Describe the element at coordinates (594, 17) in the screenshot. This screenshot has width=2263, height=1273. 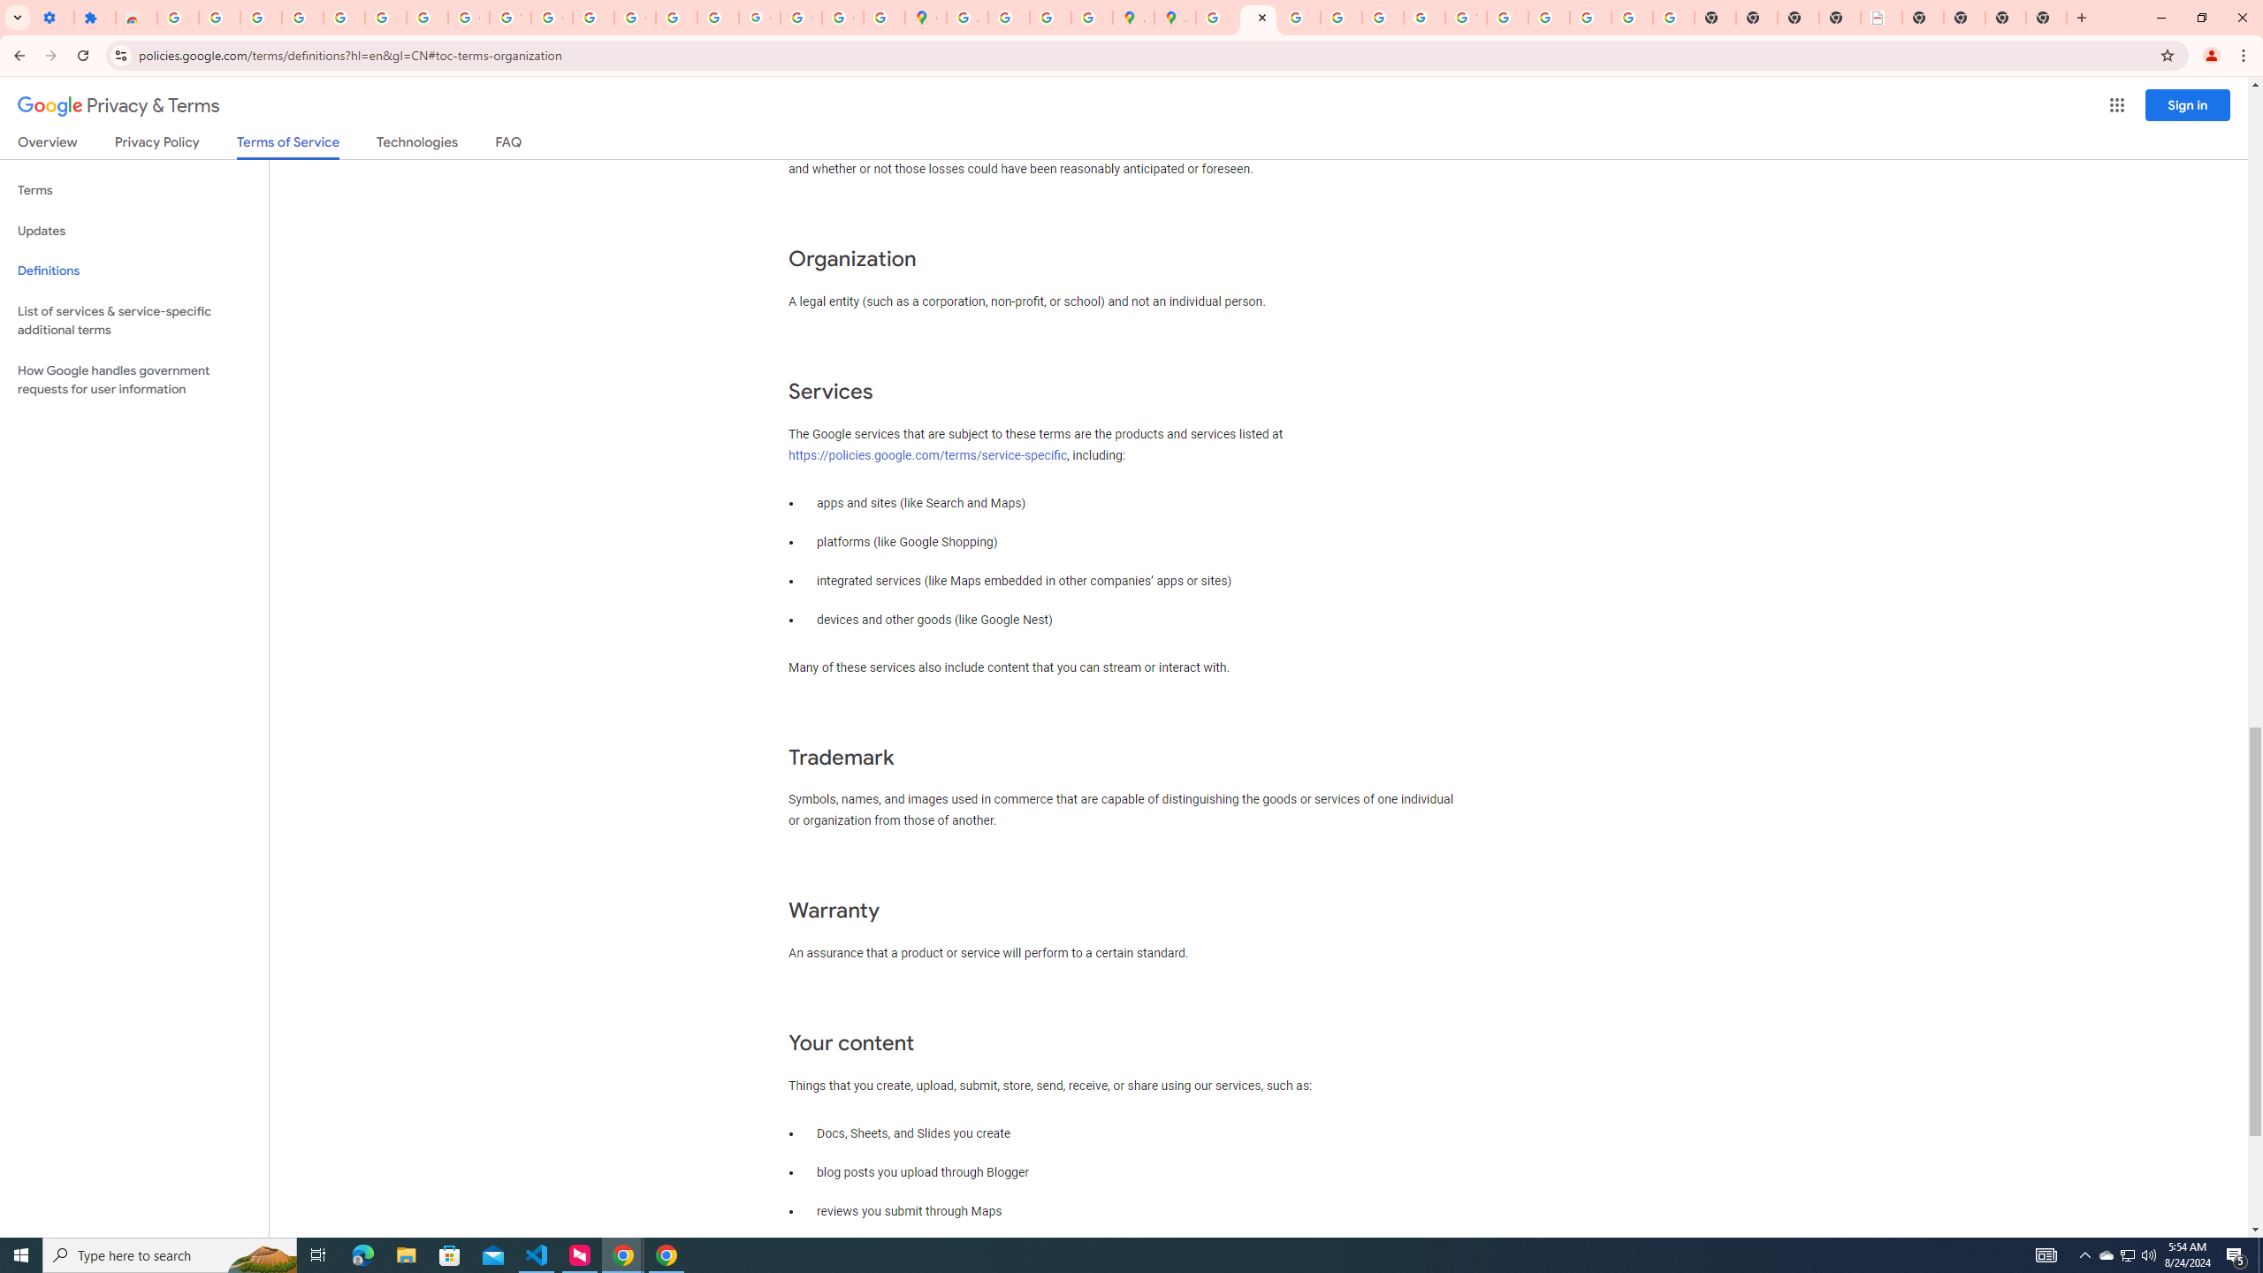
I see `'https://scholar.google.com/'` at that location.